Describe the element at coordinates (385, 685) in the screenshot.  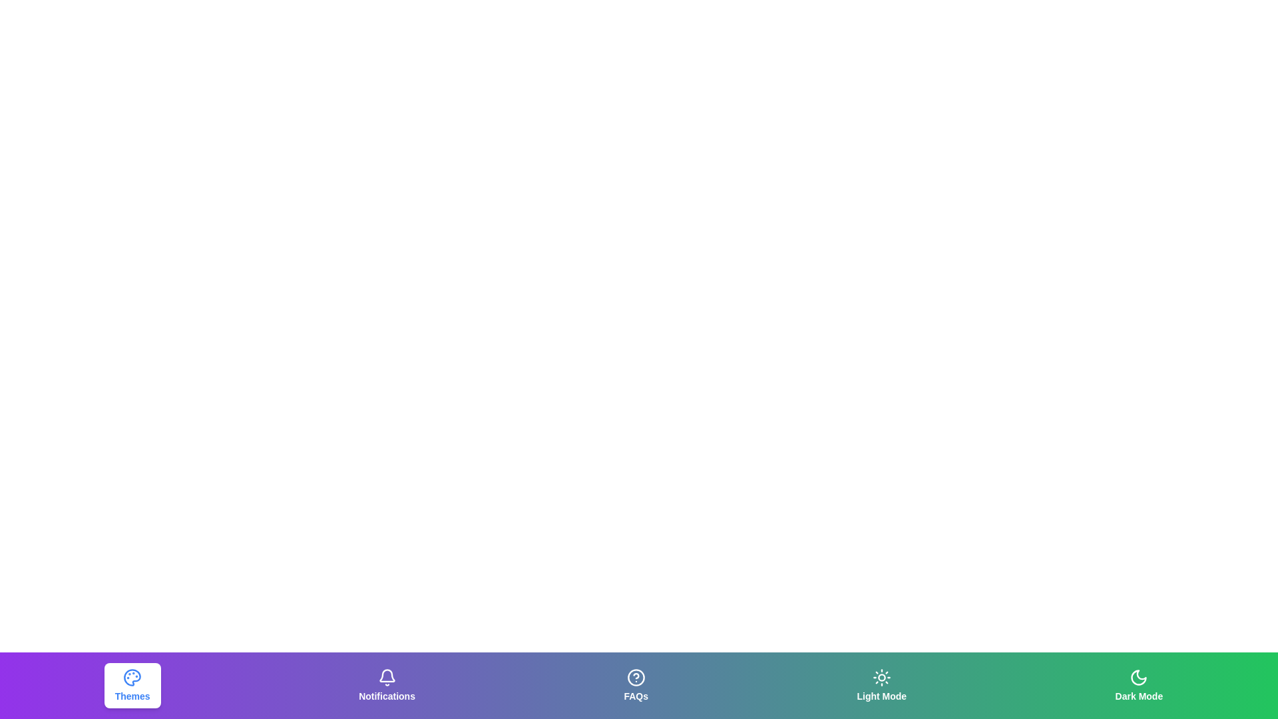
I see `the Notifications tab to observe its hover effect` at that location.